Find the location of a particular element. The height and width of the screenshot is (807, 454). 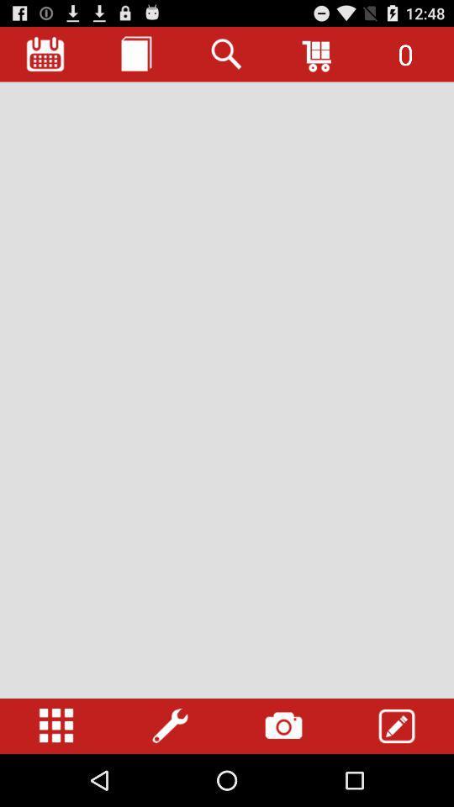

open search function is located at coordinates (227, 54).